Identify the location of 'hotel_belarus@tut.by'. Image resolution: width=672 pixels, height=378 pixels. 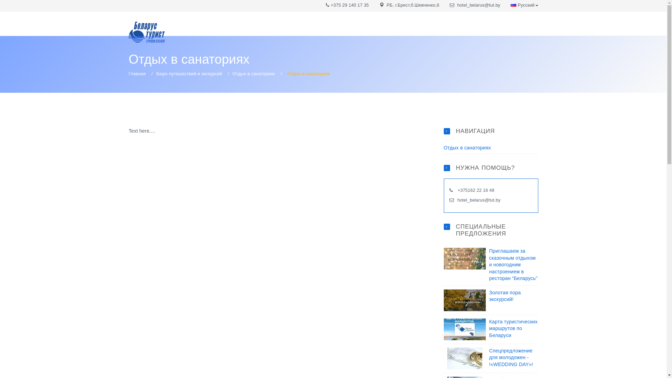
(478, 5).